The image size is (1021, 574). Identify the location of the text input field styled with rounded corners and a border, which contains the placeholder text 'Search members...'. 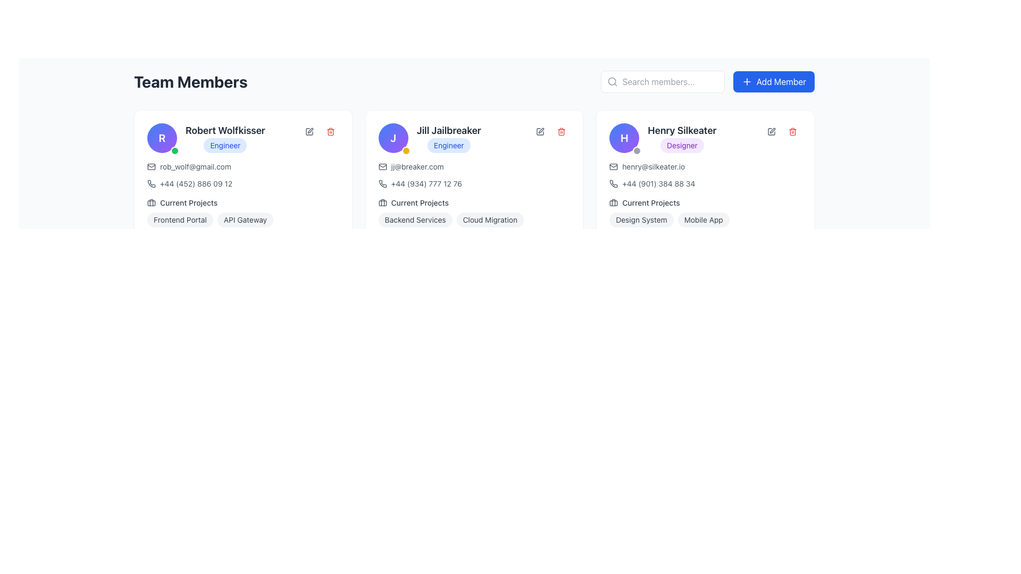
(662, 81).